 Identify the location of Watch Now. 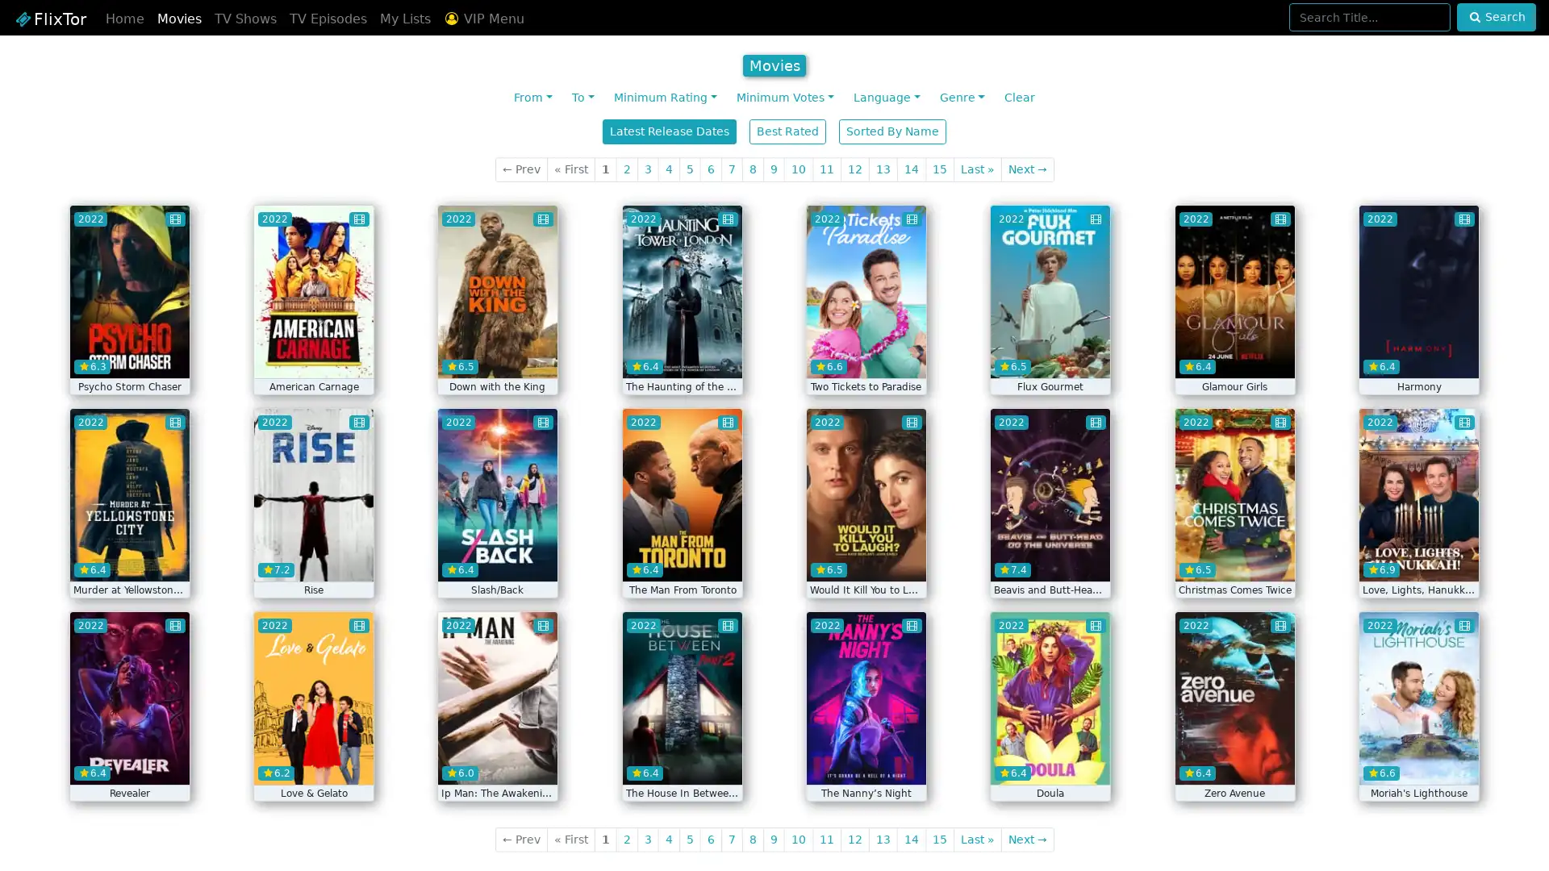
(682, 556).